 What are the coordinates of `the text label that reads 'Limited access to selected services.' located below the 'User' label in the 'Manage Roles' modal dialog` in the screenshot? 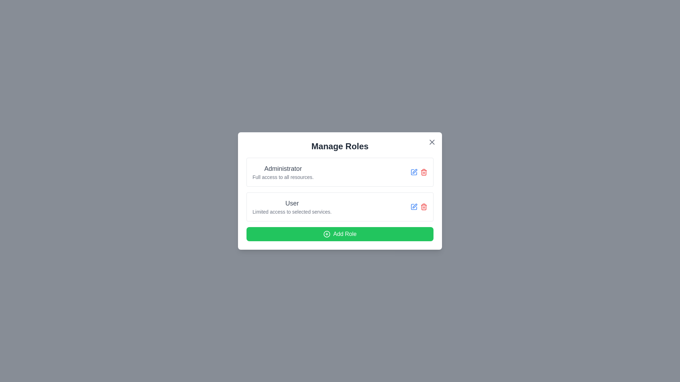 It's located at (292, 211).